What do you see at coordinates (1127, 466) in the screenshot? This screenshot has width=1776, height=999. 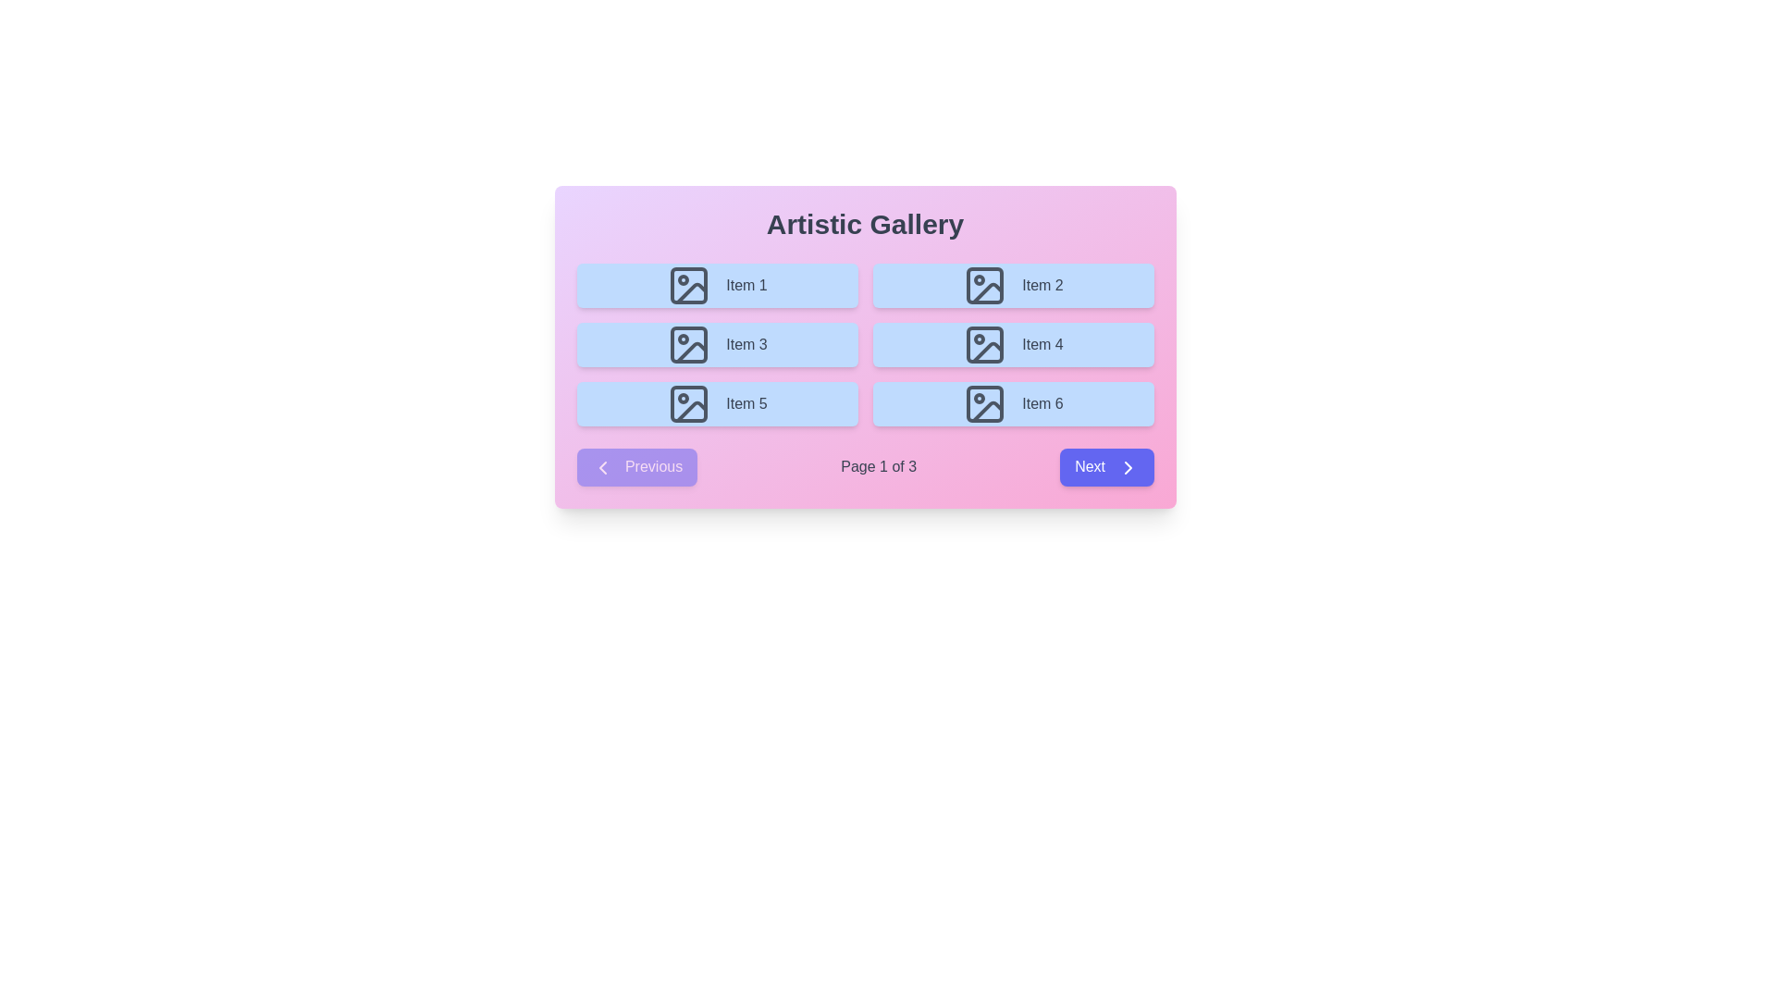 I see `the right-pointing arrow icon located inside the 'Next' button at the bottom right of the interface` at bounding box center [1127, 466].